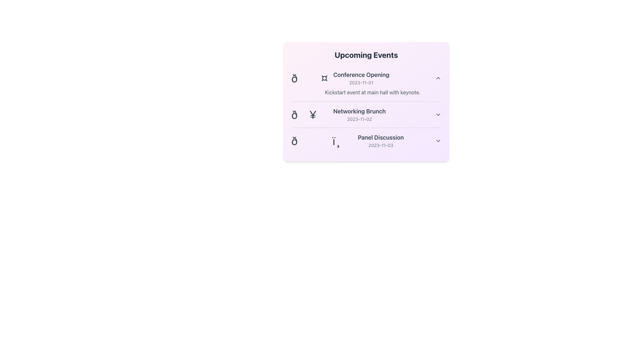 This screenshot has height=349, width=621. I want to click on text label 'Networking Brunch' which is the second item under 'Upcoming Events', styled in bold and larger text size, so click(359, 111).